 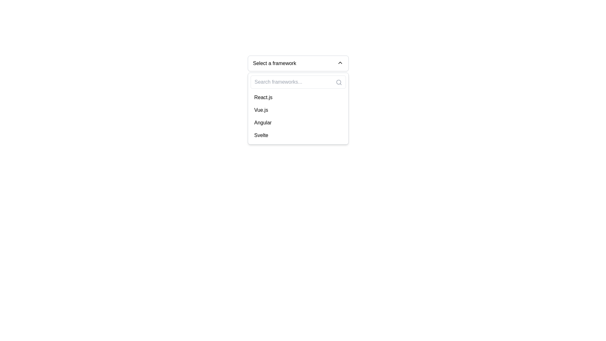 I want to click on the dropdown menu trigger labeled 'Select a framework', so click(x=298, y=63).